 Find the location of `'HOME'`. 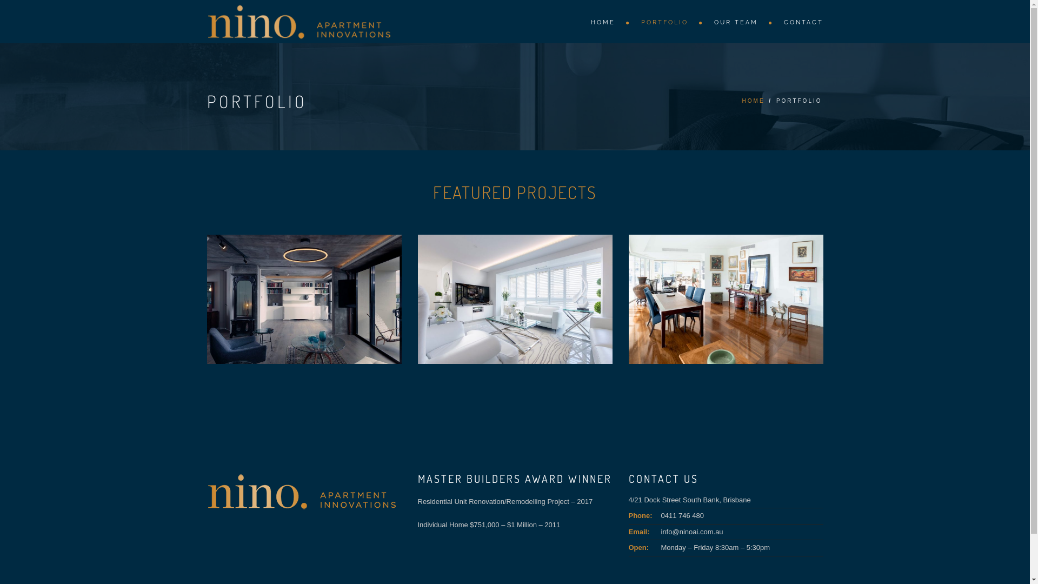

'HOME' is located at coordinates (753, 101).